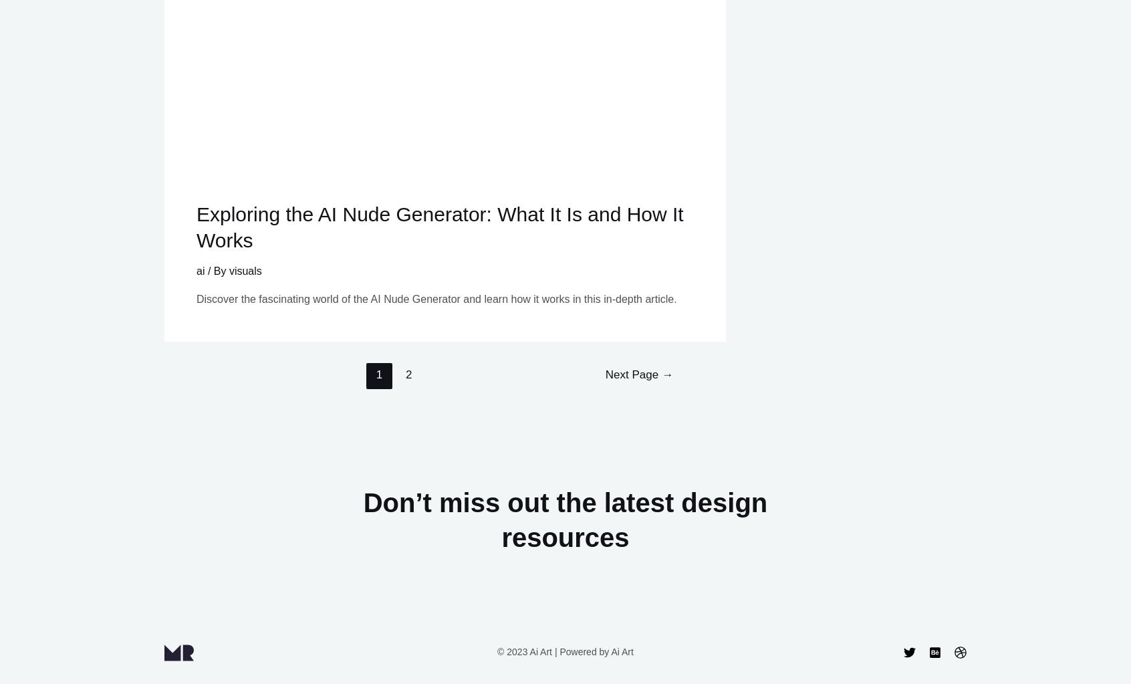 Image resolution: width=1131 pixels, height=684 pixels. Describe the element at coordinates (436, 298) in the screenshot. I see `'Discover the fascinating world of the AI Nude Generator and learn how it works in this in-depth article.'` at that location.